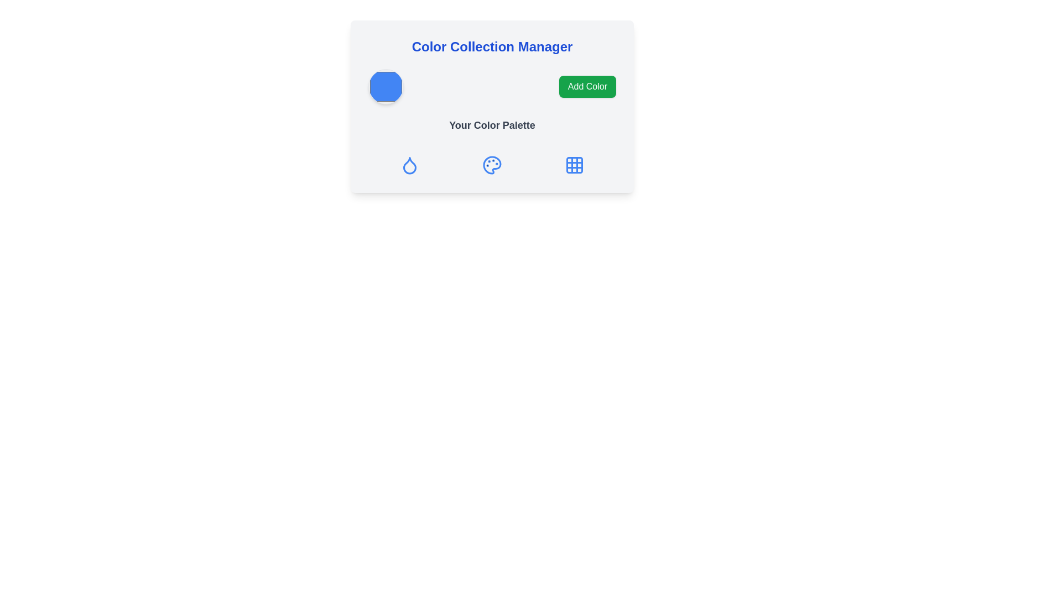 The image size is (1062, 597). I want to click on static text label that says 'Your Color Palette', which is bold and dark gray, centered below the header section of the interface, so click(491, 125).